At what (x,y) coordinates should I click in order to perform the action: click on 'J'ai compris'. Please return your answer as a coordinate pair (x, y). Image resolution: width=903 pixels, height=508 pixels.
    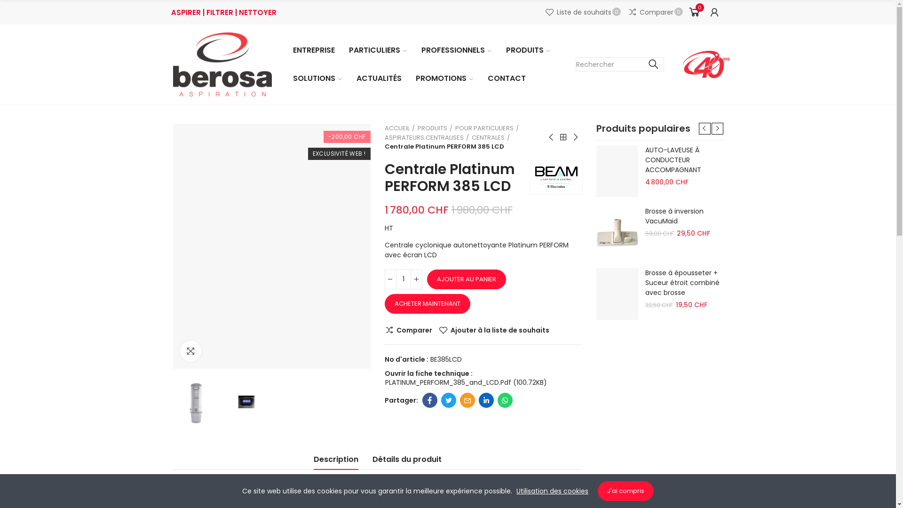
    Looking at the image, I should click on (626, 491).